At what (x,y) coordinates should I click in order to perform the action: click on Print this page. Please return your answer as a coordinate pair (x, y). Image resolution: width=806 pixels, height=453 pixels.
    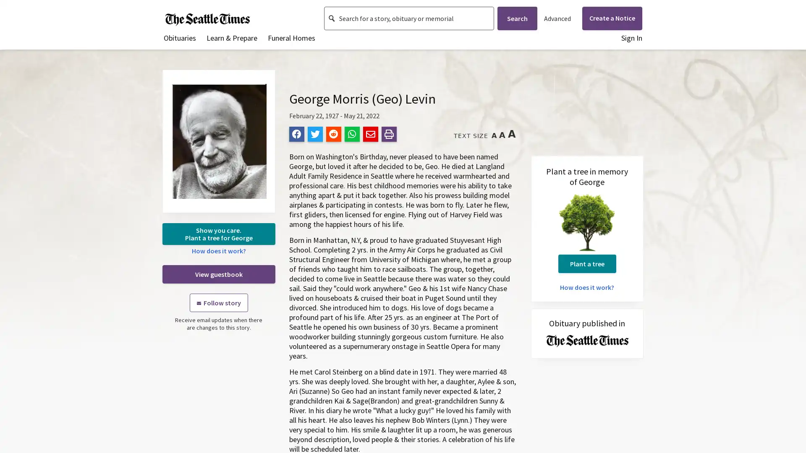
    Looking at the image, I should click on (388, 134).